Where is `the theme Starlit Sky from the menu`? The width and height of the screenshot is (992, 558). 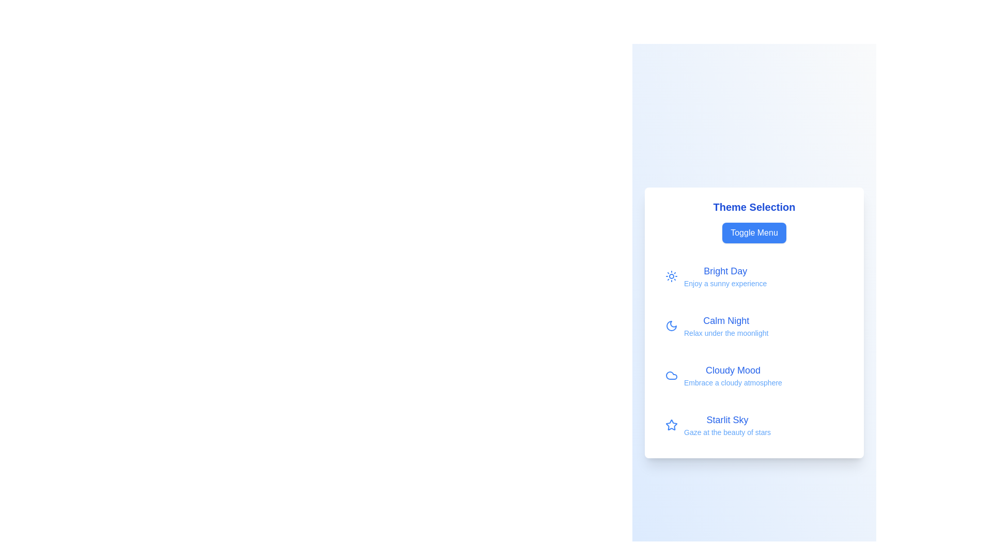 the theme Starlit Sky from the menu is located at coordinates (754, 425).